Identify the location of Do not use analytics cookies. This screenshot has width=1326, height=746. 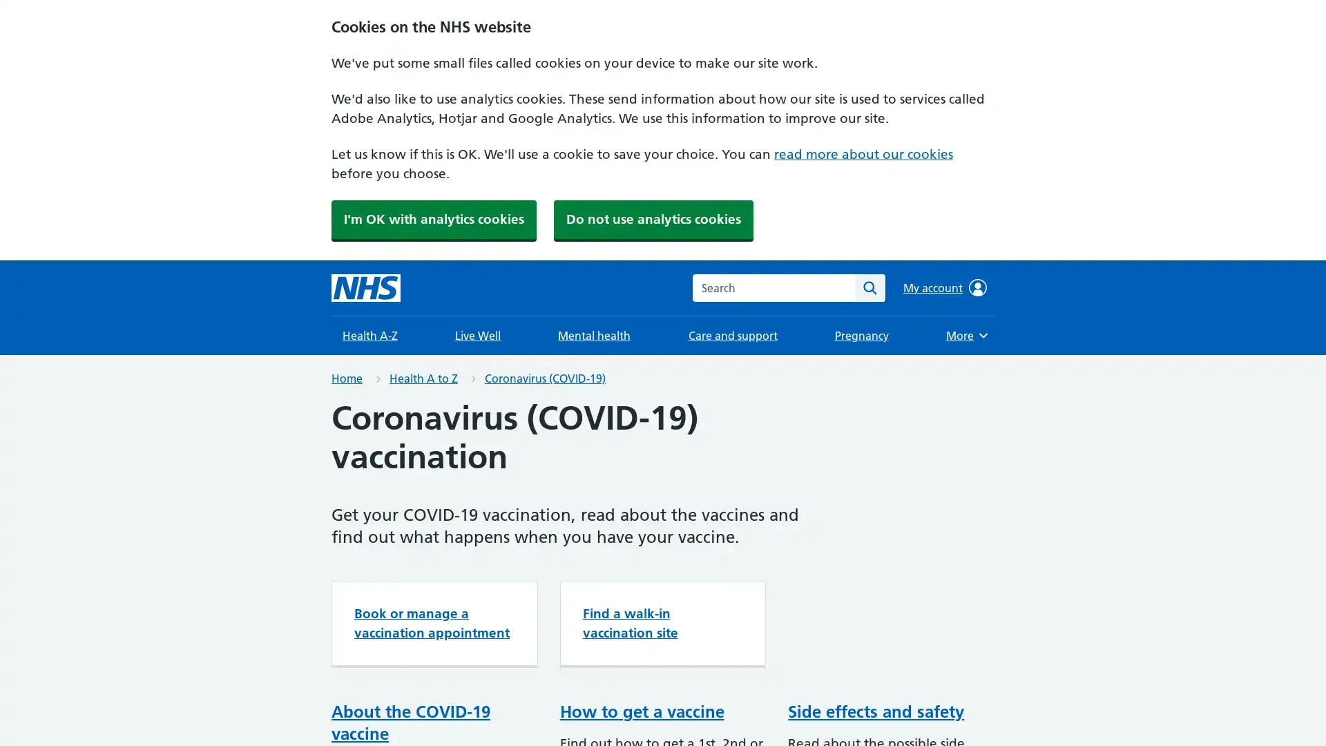
(653, 218).